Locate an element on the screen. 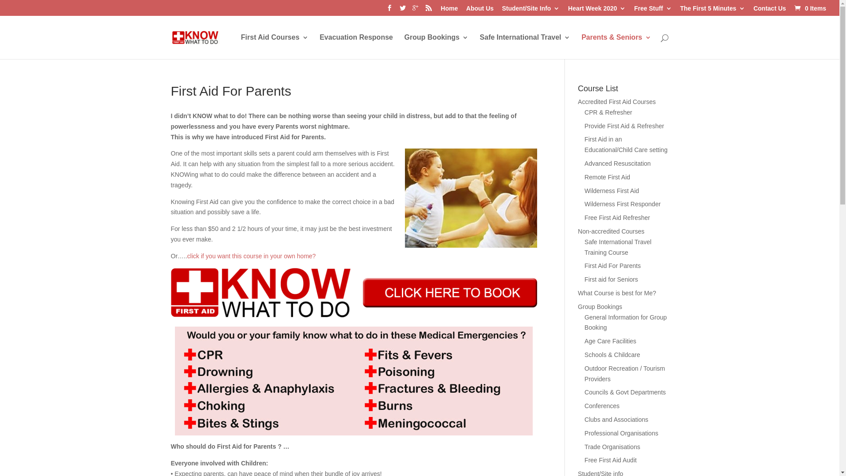 The image size is (846, 476). 'Home' is located at coordinates (449, 11).